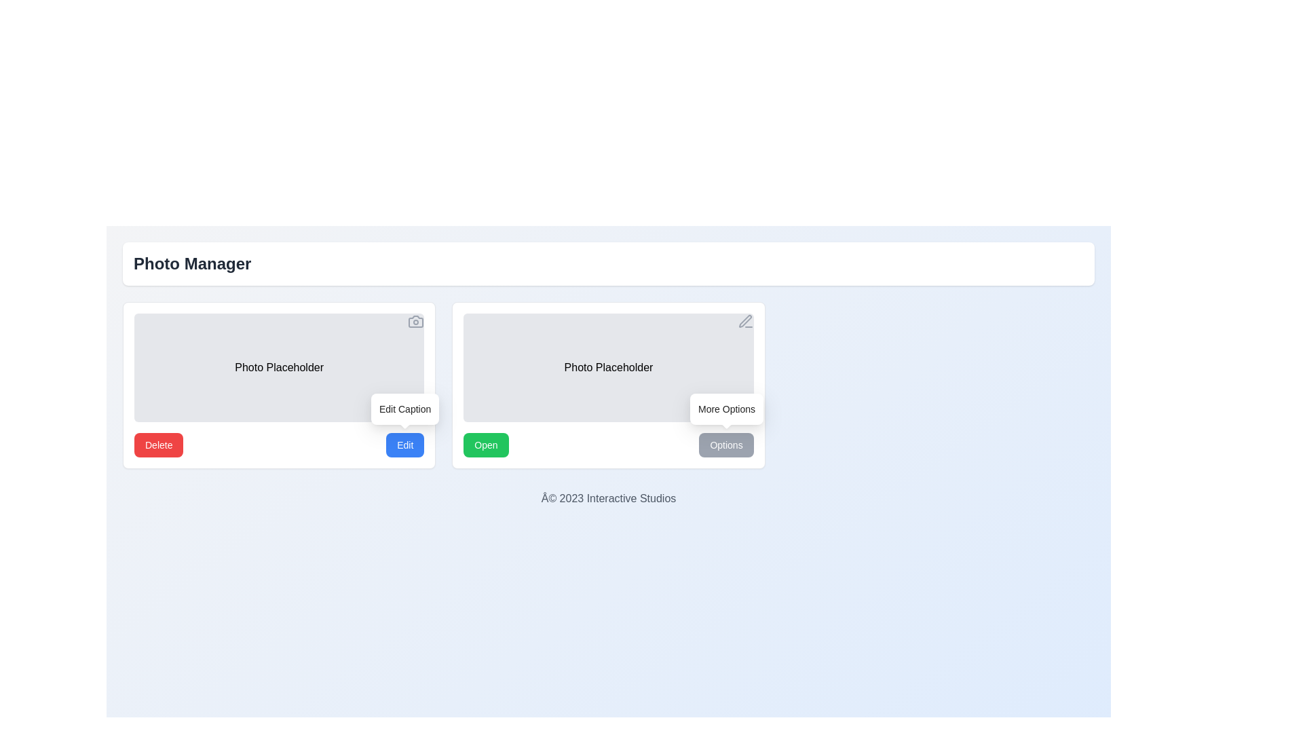 The height and width of the screenshot is (733, 1303). What do you see at coordinates (486, 445) in the screenshot?
I see `the button located at the bottom-left corner of the second photo placeholder card` at bounding box center [486, 445].